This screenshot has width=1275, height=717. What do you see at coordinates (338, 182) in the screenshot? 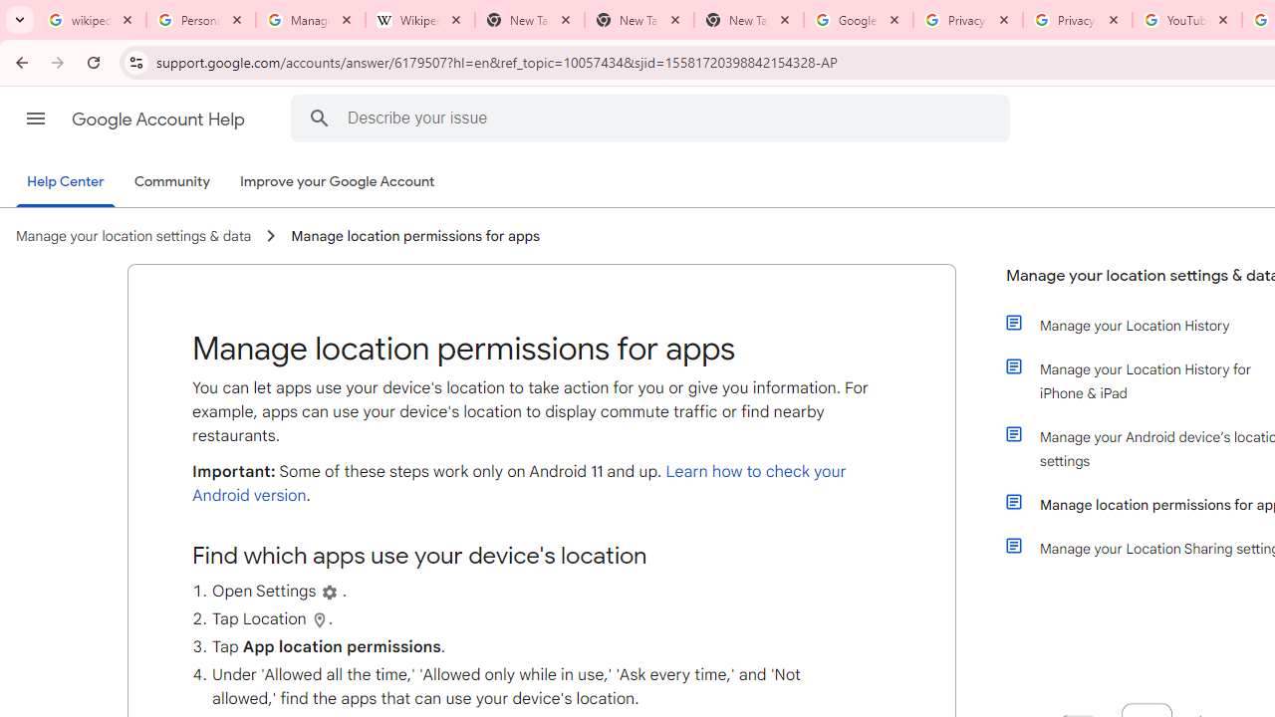
I see `'Improve your Google Account'` at bounding box center [338, 182].